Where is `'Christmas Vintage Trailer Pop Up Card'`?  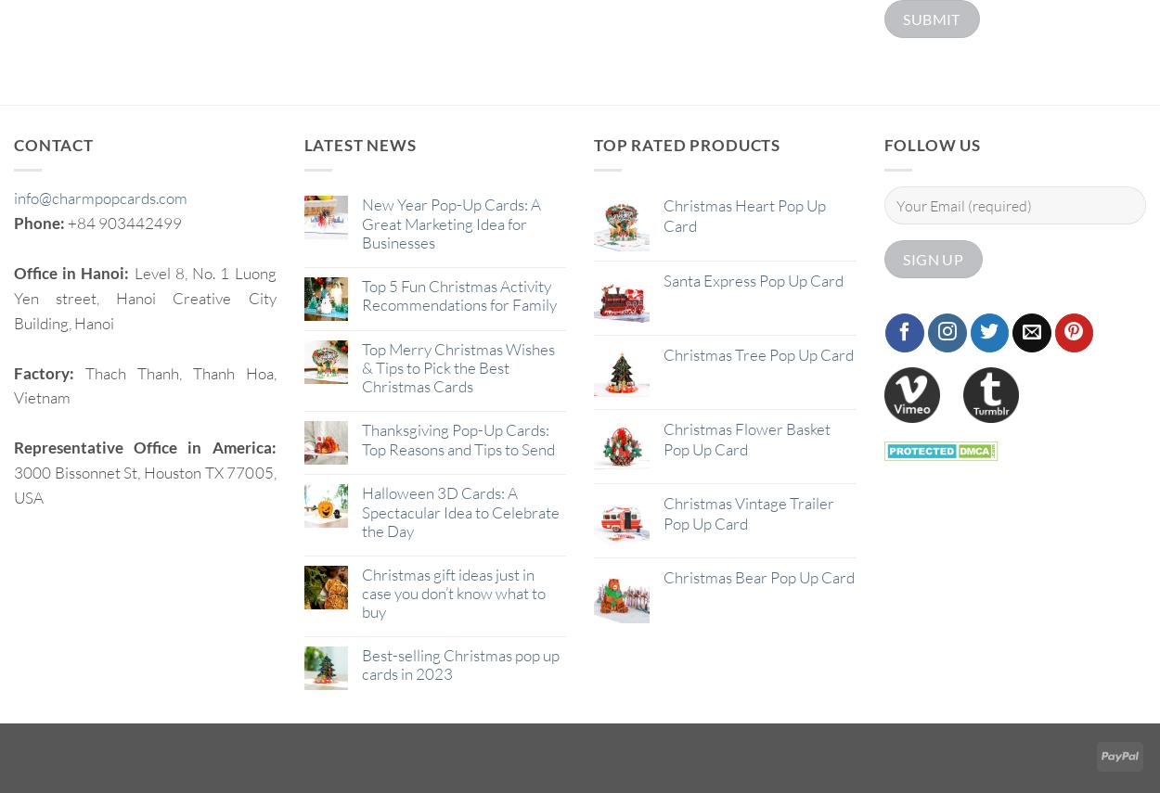 'Christmas Vintage Trailer Pop Up Card' is located at coordinates (748, 513).